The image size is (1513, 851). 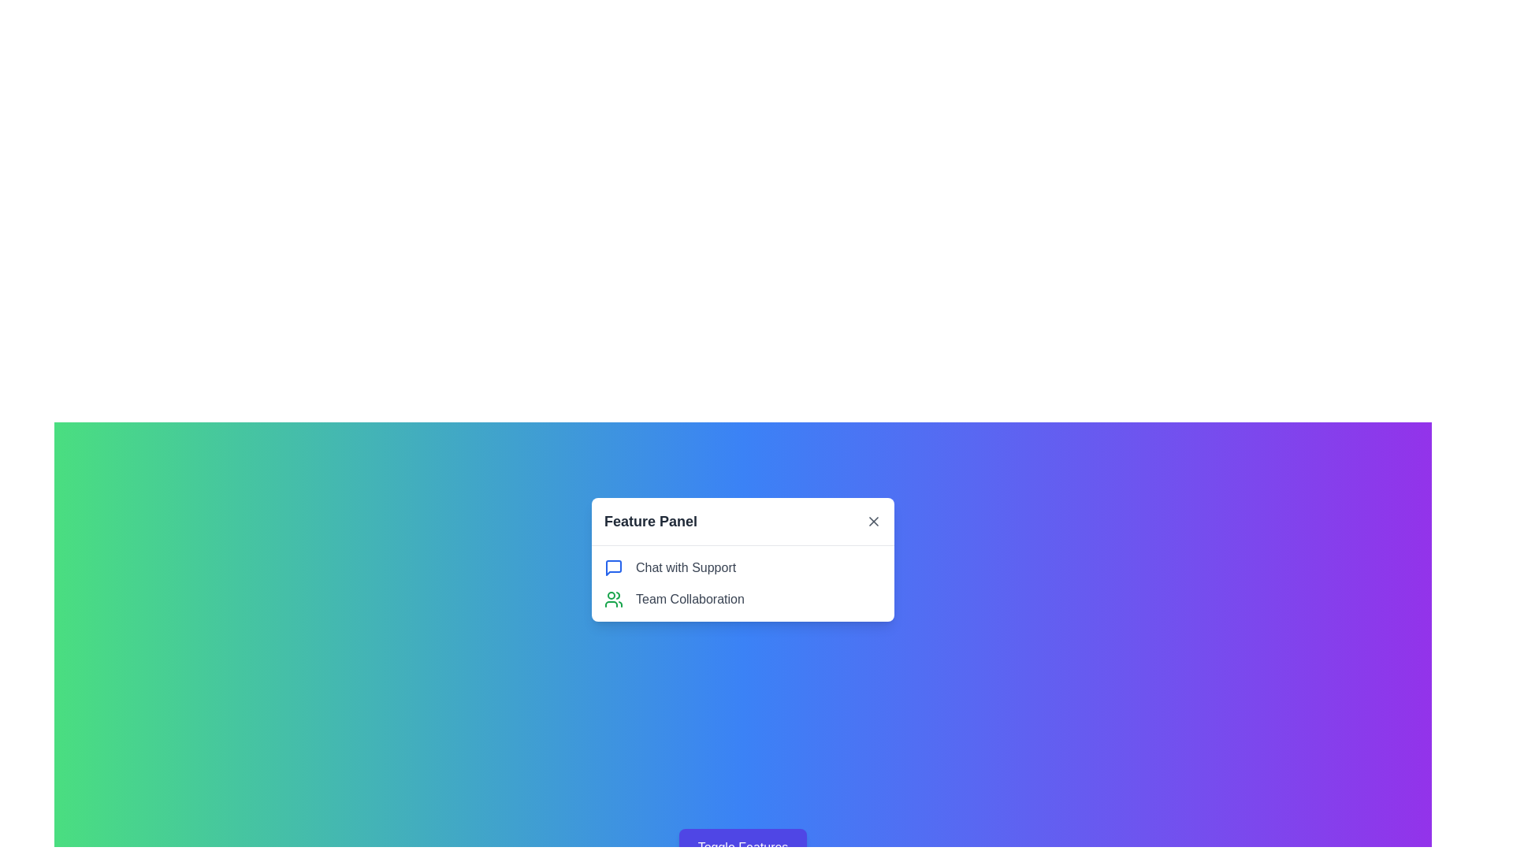 I want to click on the 'Team Collaboration' button with a green group icon, so click(x=742, y=599).